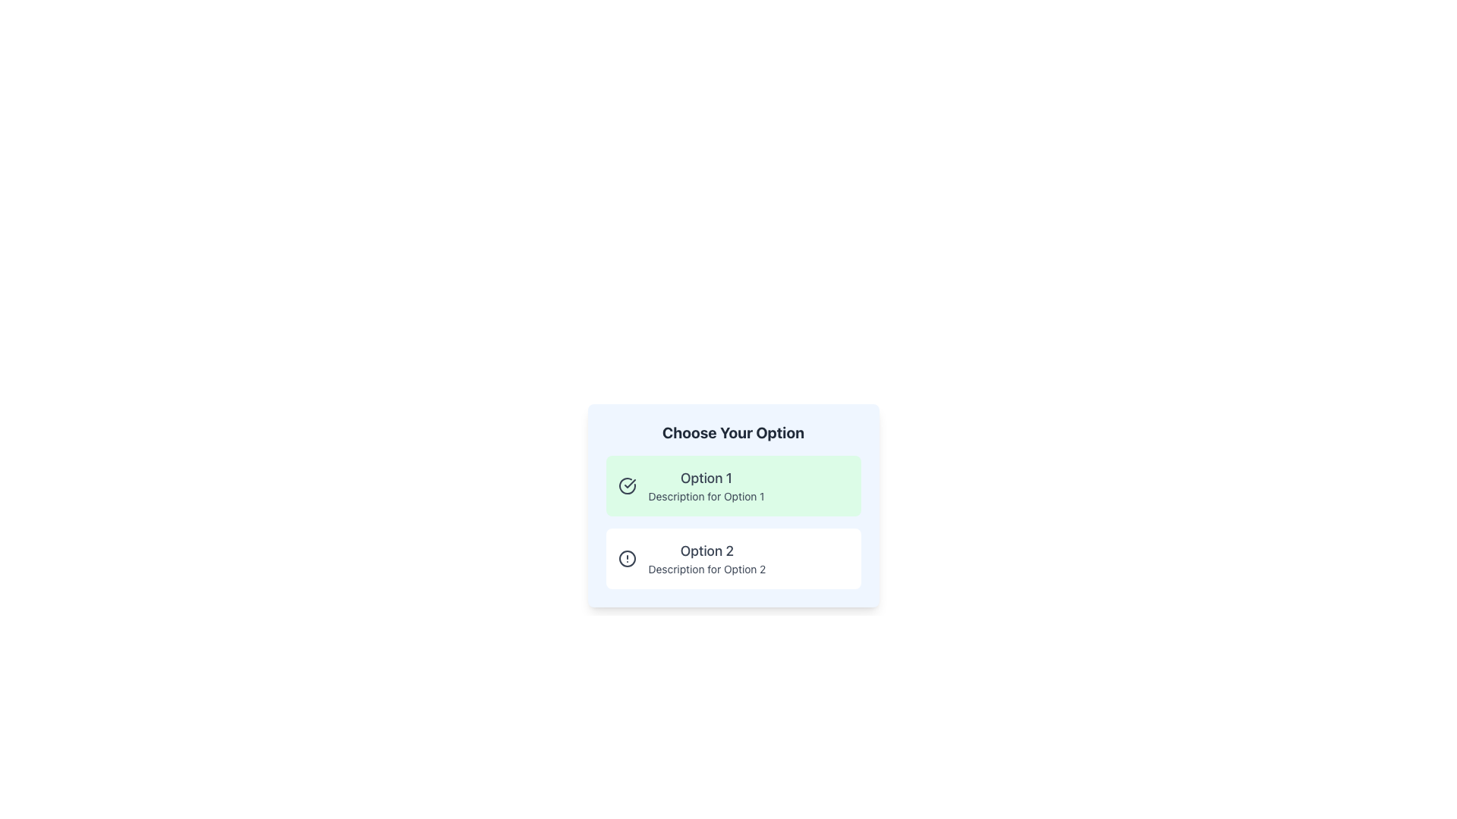 The image size is (1457, 819). I want to click on the graphical check shape that is part of the circular icon located in the left part of the rectangle associated with Option 1, so click(630, 483).